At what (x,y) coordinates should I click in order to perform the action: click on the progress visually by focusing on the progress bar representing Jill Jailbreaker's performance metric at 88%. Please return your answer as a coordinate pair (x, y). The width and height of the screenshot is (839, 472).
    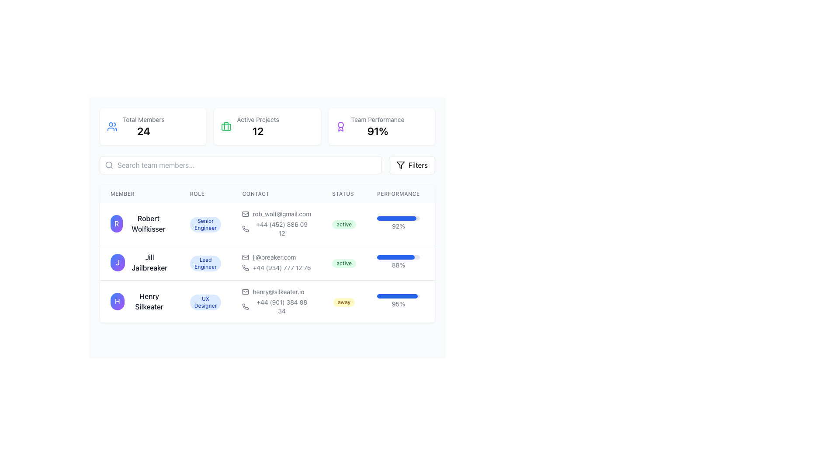
    Looking at the image, I should click on (395, 257).